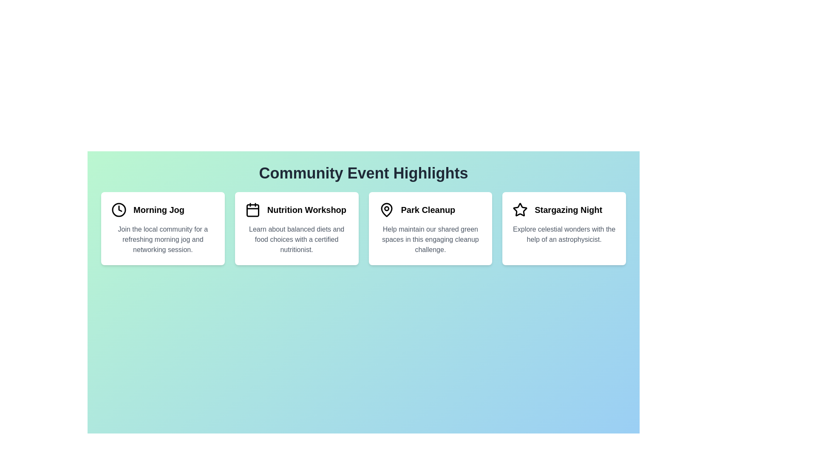  What do you see at coordinates (252, 210) in the screenshot?
I see `the calendar icon located at the upper-left corner of the 'Nutrition Workshop' event card, which features a square outline with rounded corners and two vertical bars resembling calendar tabs` at bounding box center [252, 210].